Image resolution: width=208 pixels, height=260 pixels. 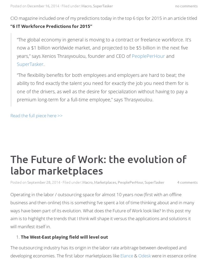 What do you see at coordinates (102, 87) in the screenshot?
I see `'“The flexibility benefits for both employees and employers are hard to beat; the ability to find exactly the talent you need for exactly the job you need them for is one of the drivers, as well as the desire for specialization without having to pay a premium long-term for a full-time employee,” says Thrasyvoulou.'` at bounding box center [102, 87].